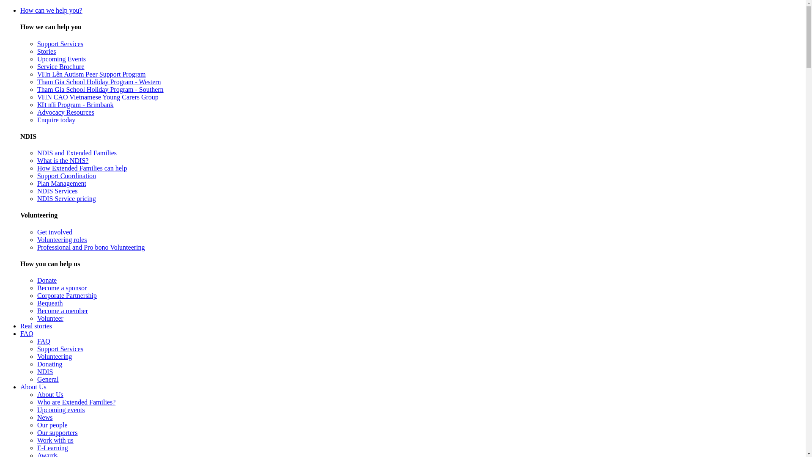 The height and width of the screenshot is (457, 812). Describe the element at coordinates (54, 356) in the screenshot. I see `'Volunteering'` at that location.